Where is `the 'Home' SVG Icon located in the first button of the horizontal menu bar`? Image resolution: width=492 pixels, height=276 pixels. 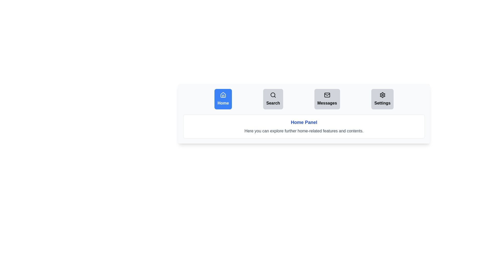
the 'Home' SVG Icon located in the first button of the horizontal menu bar is located at coordinates (223, 95).